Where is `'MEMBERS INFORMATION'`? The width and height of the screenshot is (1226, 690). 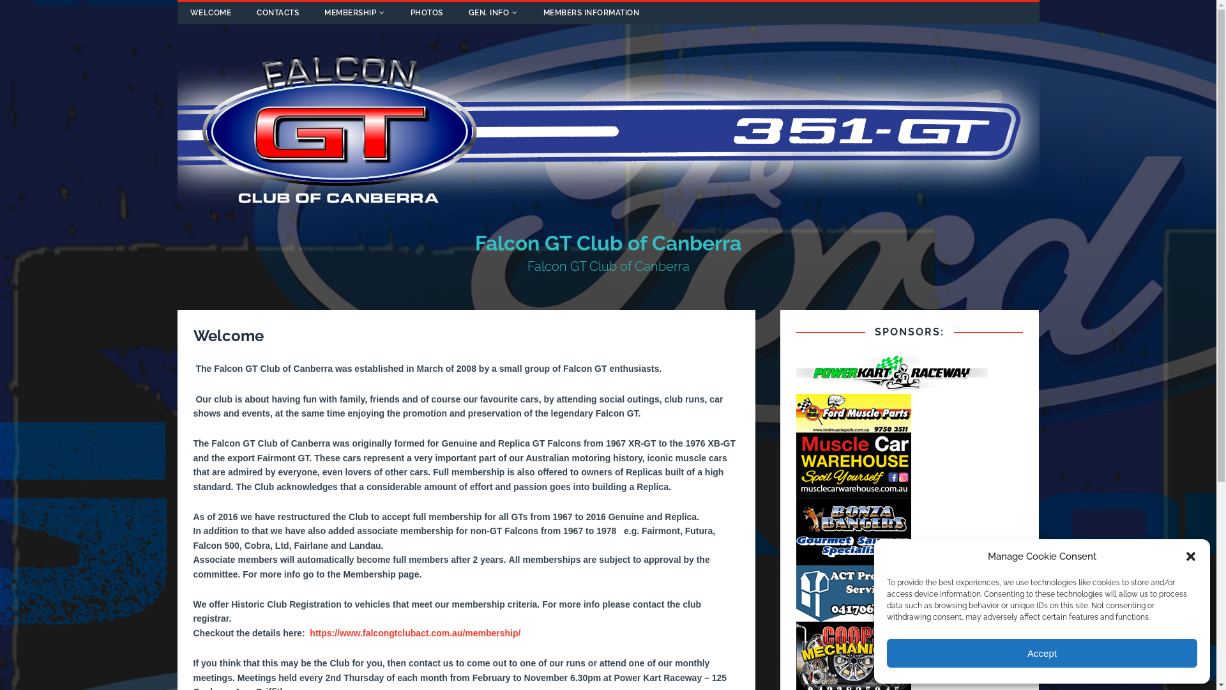 'MEMBERS INFORMATION' is located at coordinates (590, 13).